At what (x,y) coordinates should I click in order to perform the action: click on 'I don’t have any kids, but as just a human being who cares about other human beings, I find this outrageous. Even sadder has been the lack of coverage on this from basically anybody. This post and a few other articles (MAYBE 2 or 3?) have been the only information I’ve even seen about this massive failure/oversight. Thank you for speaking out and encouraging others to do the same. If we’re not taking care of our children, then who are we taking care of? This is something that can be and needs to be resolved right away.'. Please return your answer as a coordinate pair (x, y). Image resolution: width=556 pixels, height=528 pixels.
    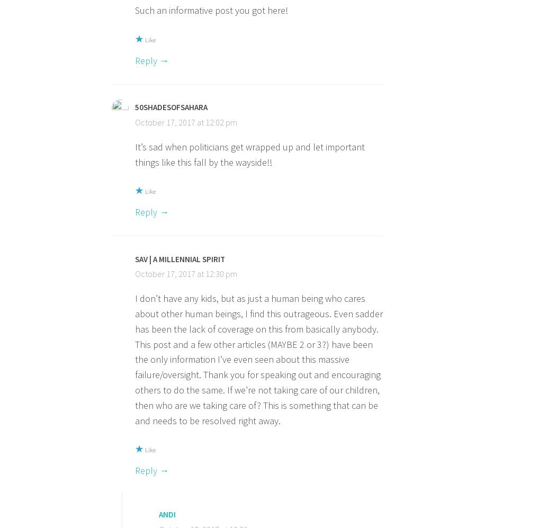
    Looking at the image, I should click on (258, 359).